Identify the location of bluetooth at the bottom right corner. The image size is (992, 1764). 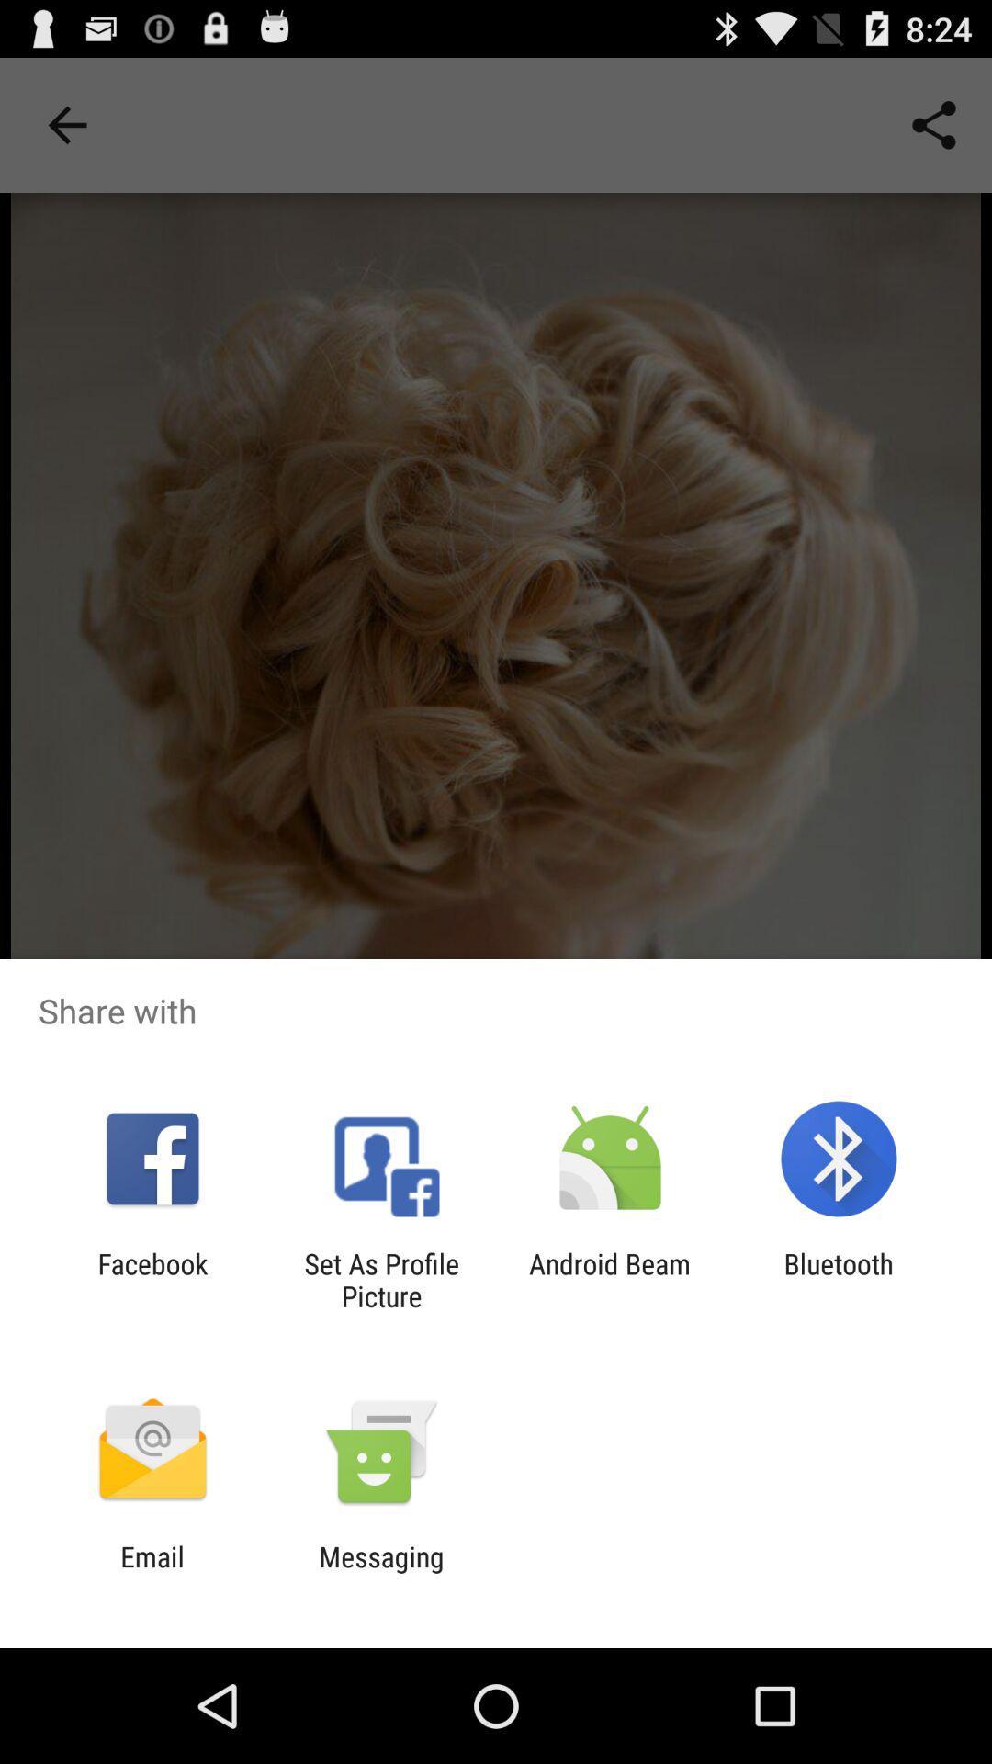
(839, 1279).